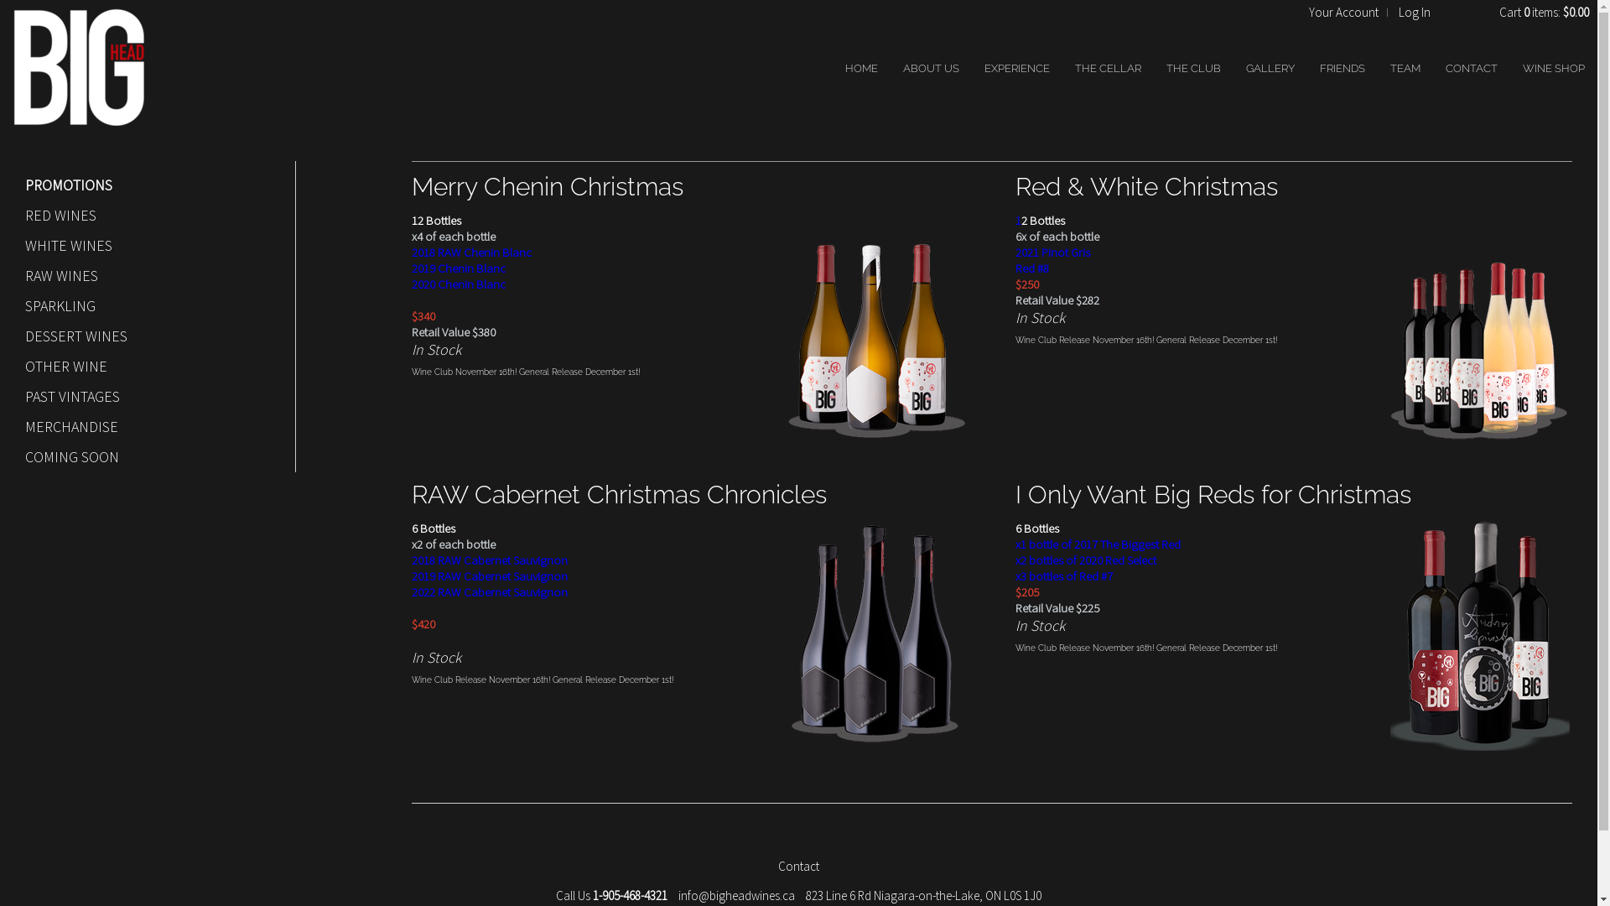  Describe the element at coordinates (470, 252) in the screenshot. I see `'2018 RAW Chenin Blanc'` at that location.